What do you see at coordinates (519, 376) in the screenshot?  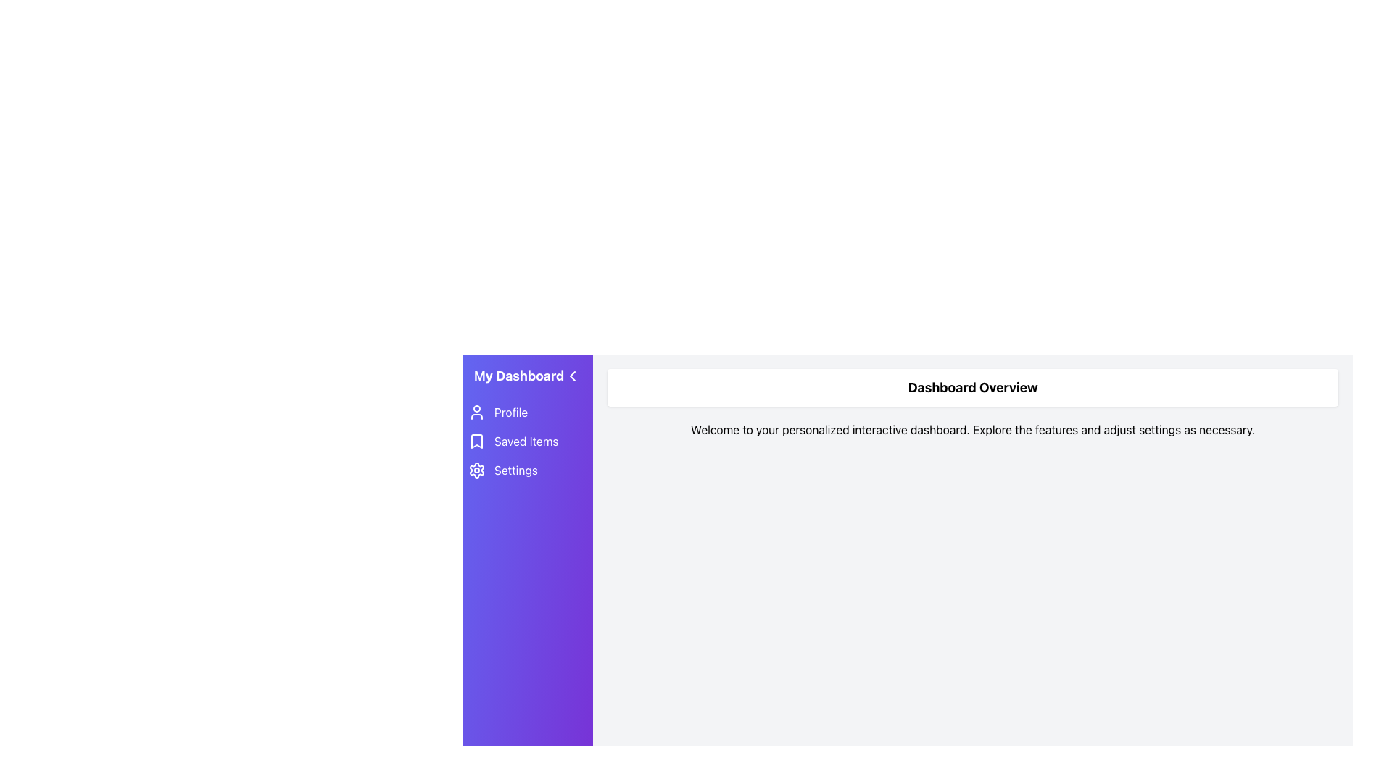 I see `the header text element that serves as the title for the dashboard section, positioned between the navigation icon on the left and the content area on the right` at bounding box center [519, 376].